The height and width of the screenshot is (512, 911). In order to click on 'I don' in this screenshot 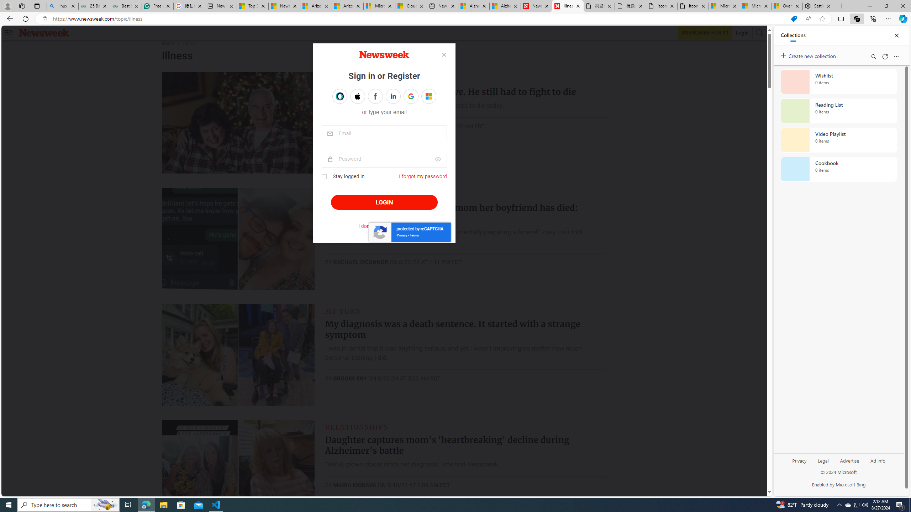, I will do `click(384, 226)`.